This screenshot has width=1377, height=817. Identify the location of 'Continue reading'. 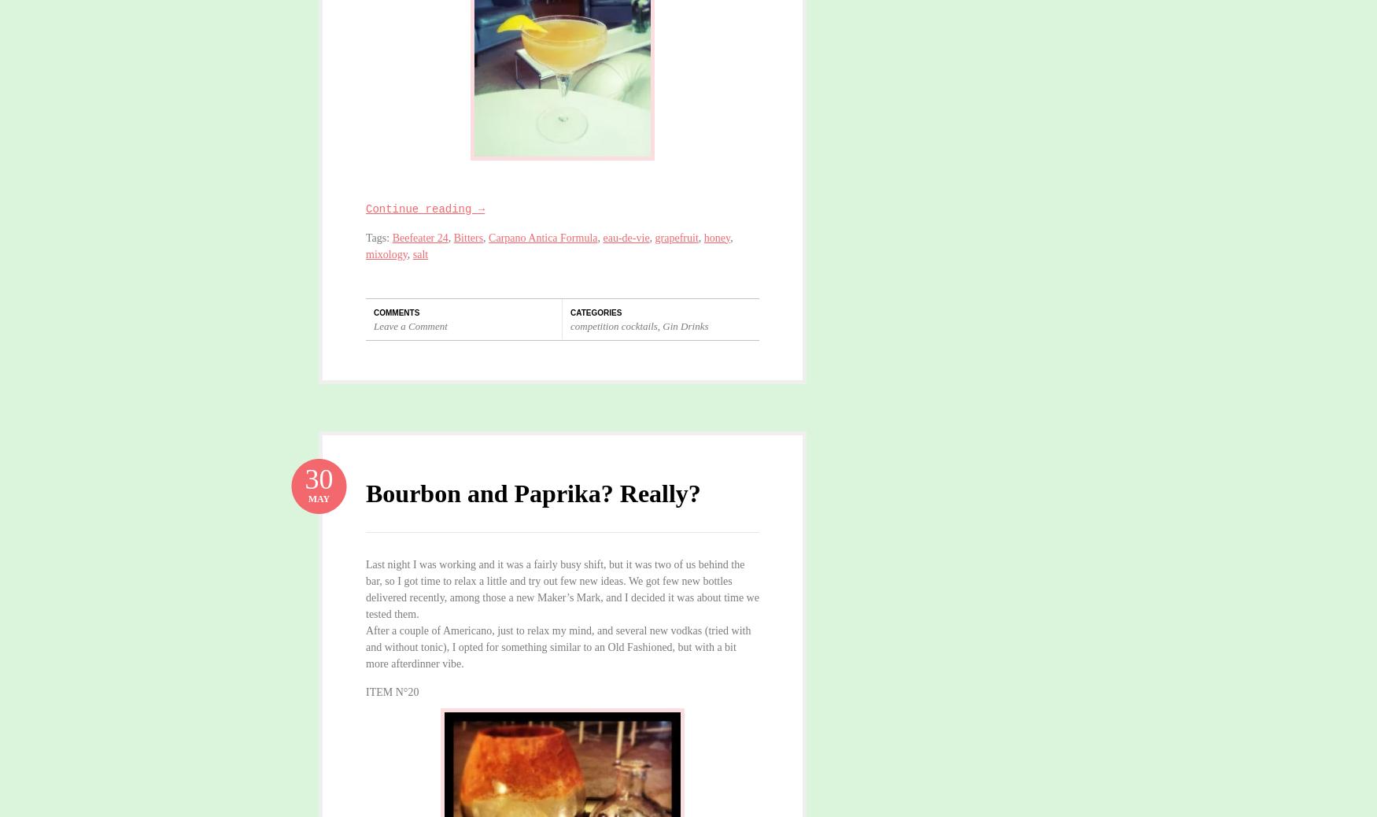
(421, 209).